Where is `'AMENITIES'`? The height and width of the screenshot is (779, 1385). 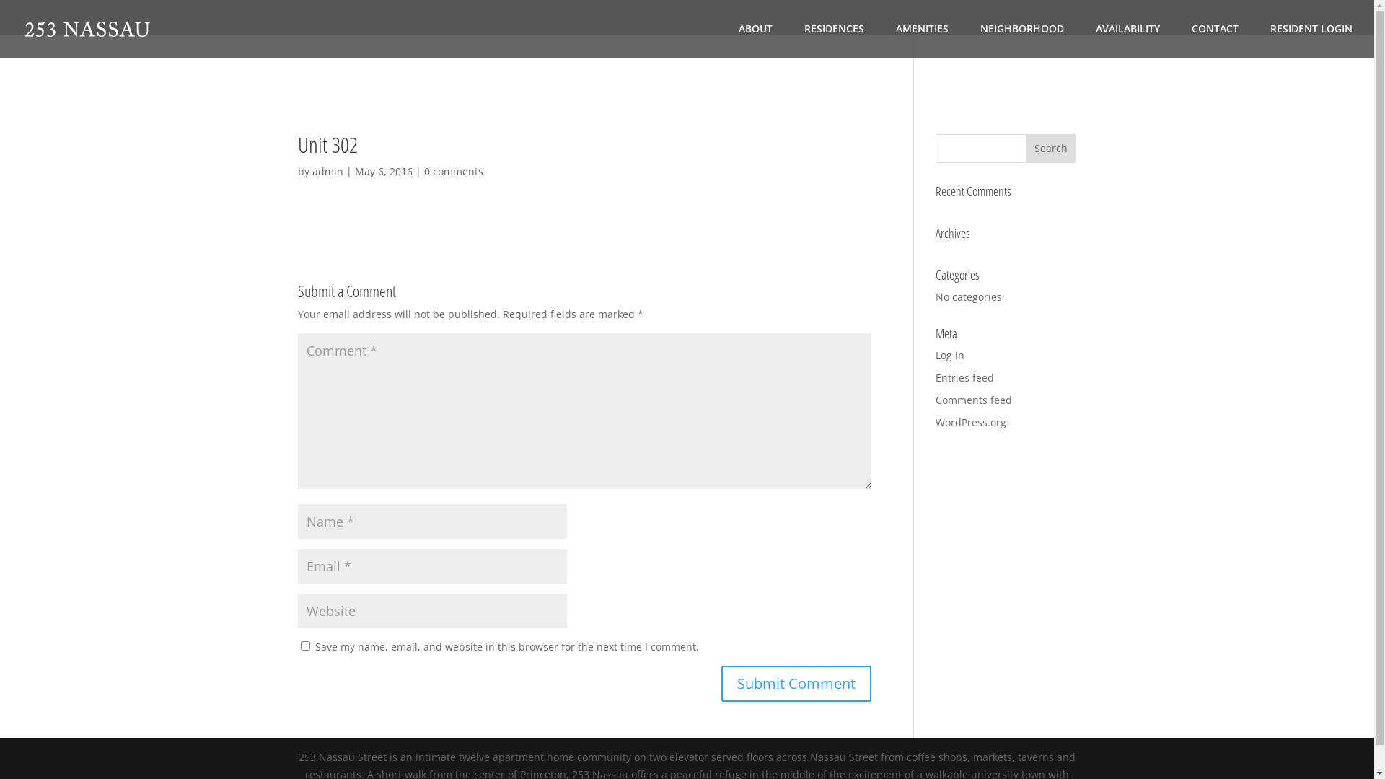 'AMENITIES' is located at coordinates (921, 40).